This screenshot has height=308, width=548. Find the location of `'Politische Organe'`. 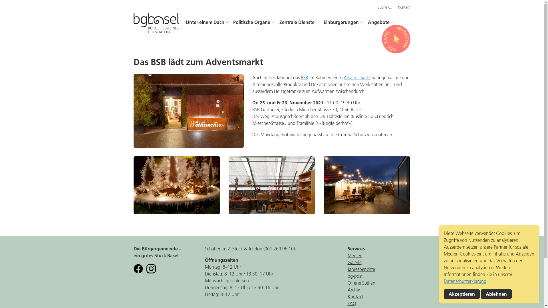

'Politische Organe' is located at coordinates (253, 22).